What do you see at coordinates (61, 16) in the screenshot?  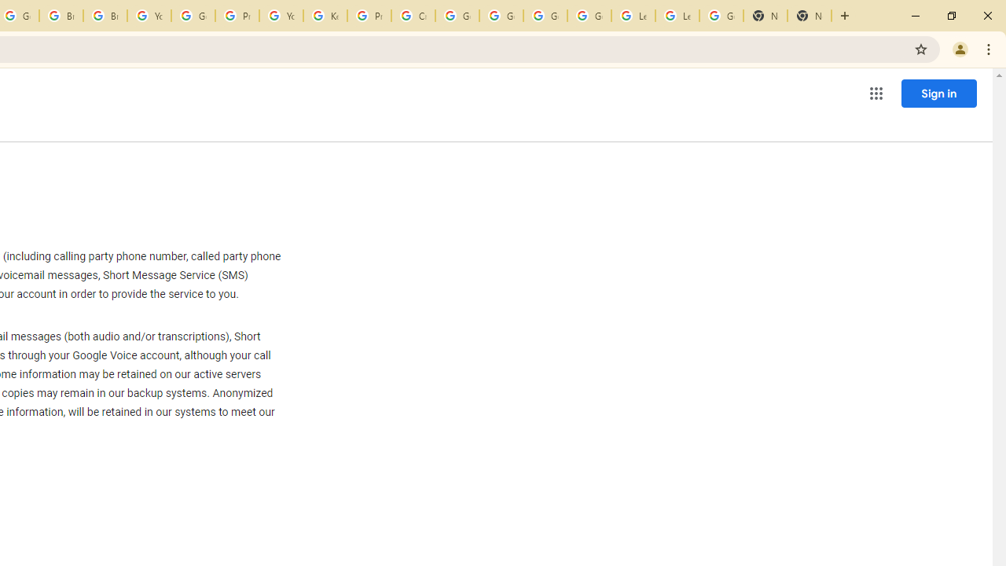 I see `'Brand Resource Center'` at bounding box center [61, 16].